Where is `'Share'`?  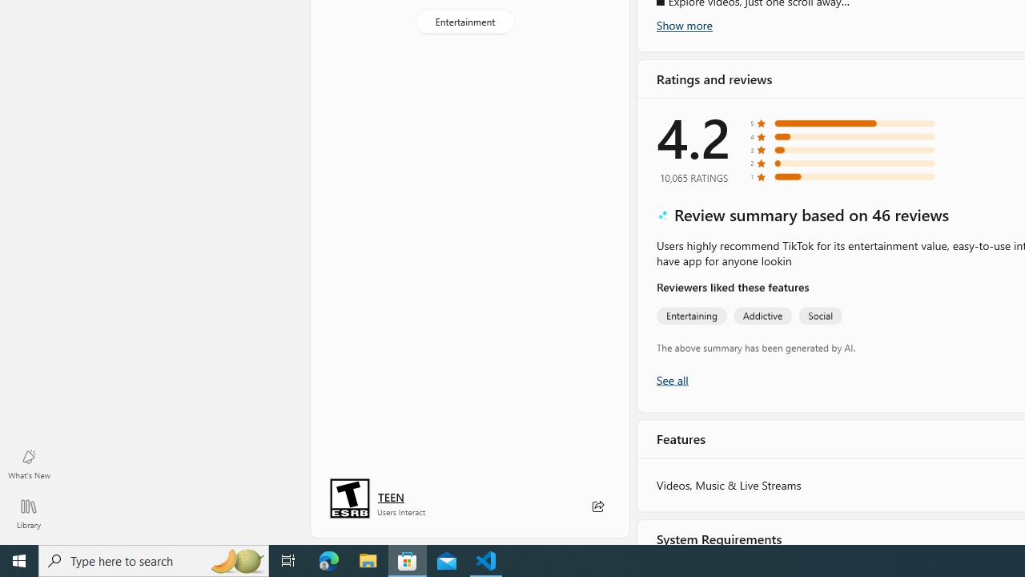 'Share' is located at coordinates (597, 506).